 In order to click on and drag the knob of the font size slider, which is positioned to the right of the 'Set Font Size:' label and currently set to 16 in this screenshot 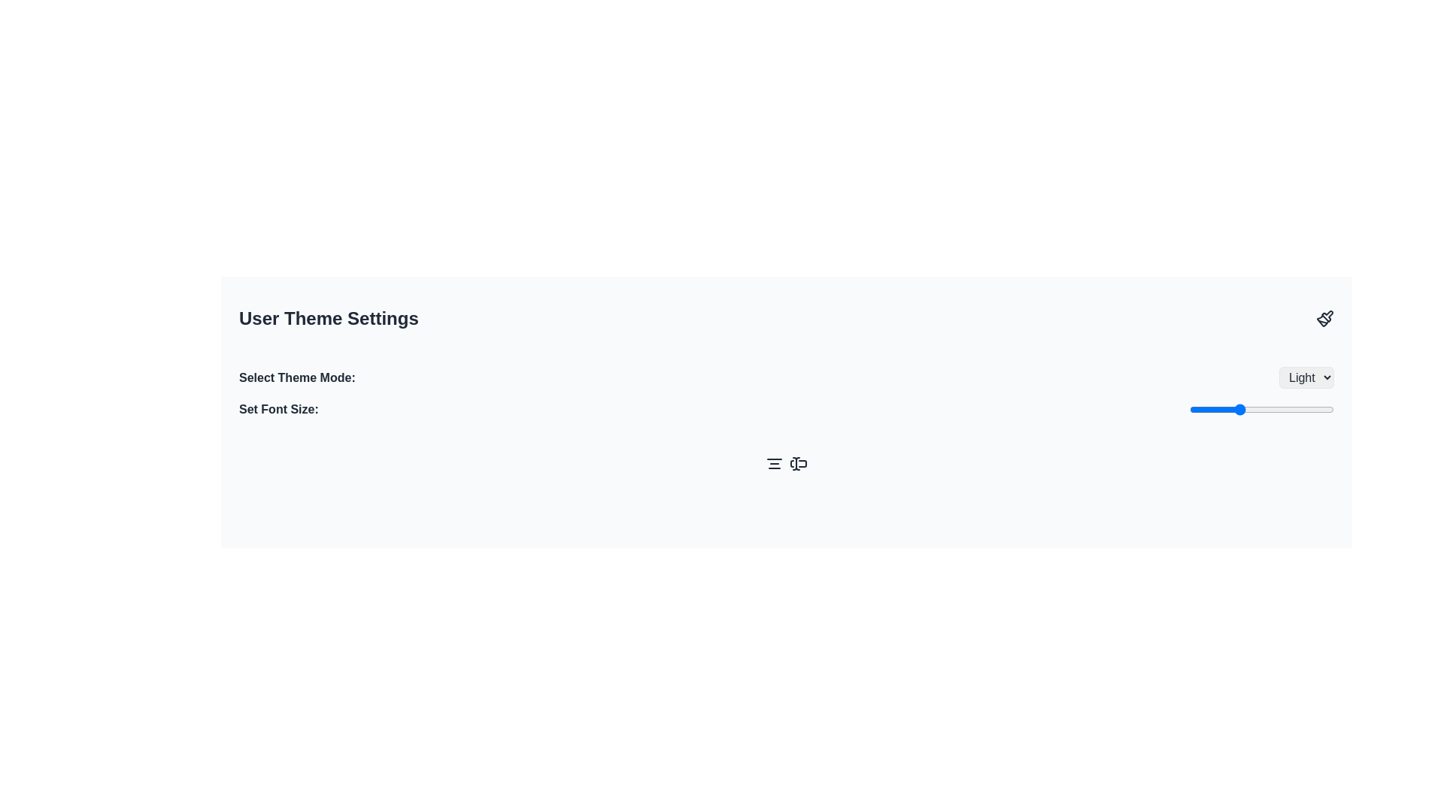, I will do `click(1262, 409)`.